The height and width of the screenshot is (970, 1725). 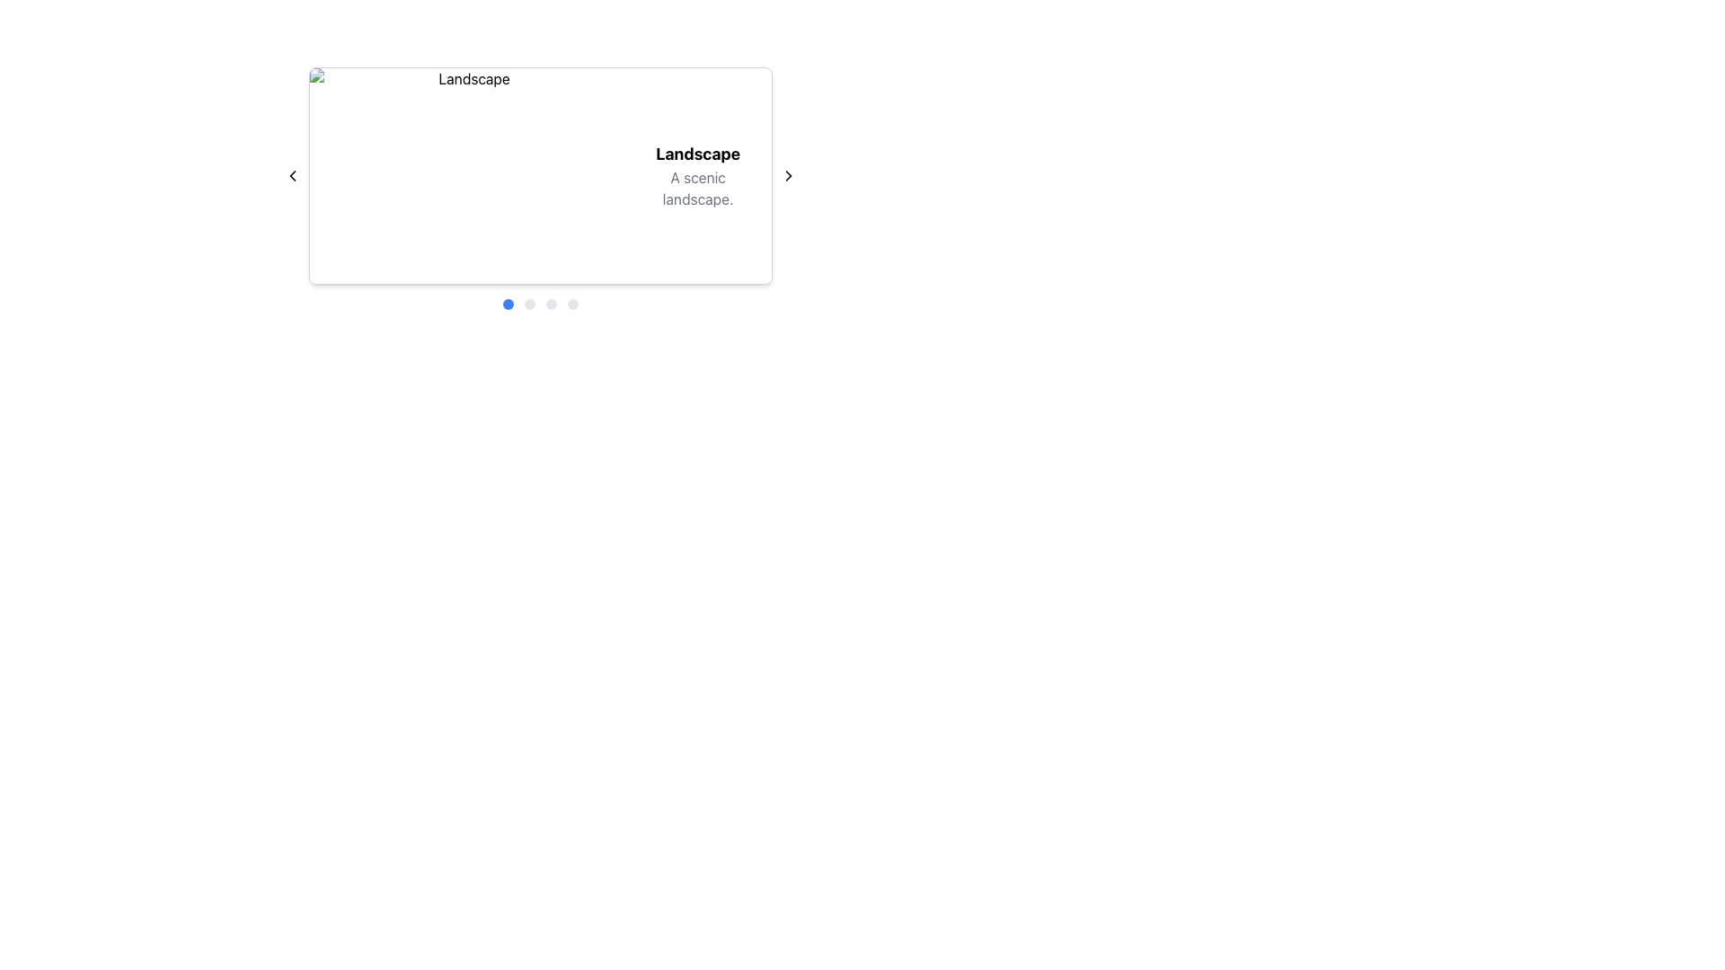 I want to click on the Chevron icon embedded in the button on the right side of the 'Landscape' card, so click(x=789, y=176).